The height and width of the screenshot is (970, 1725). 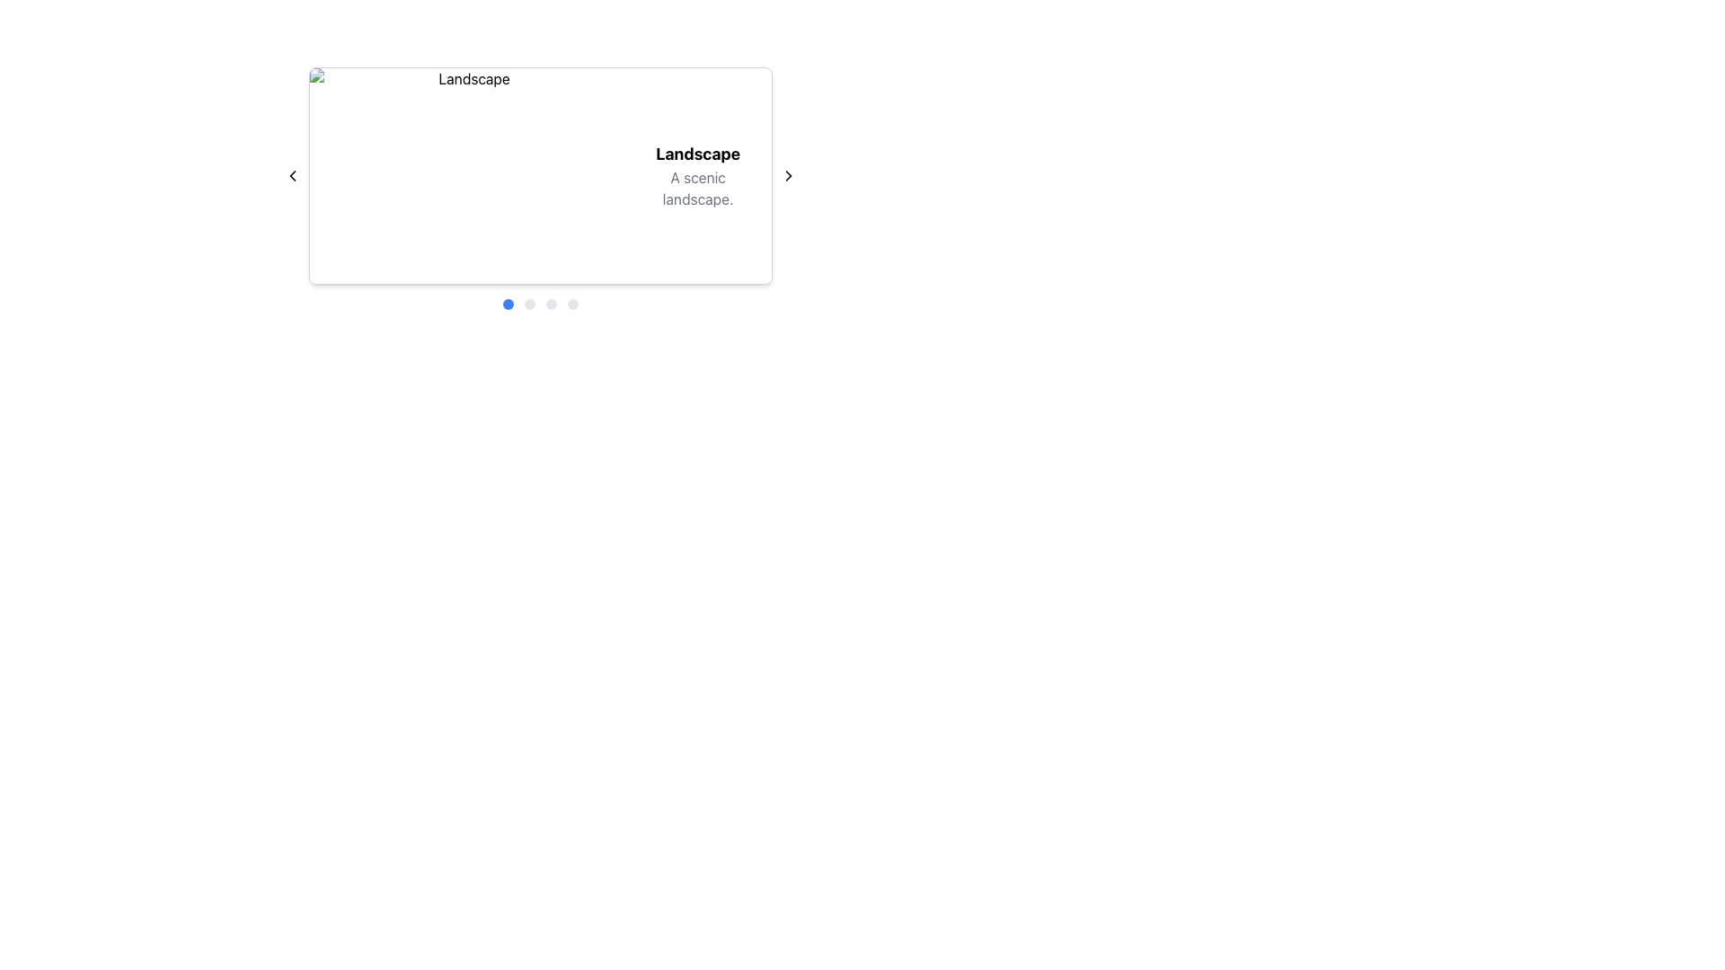 I want to click on the Chevron icon embedded in the button on the right side of the 'Landscape' card, so click(x=789, y=176).